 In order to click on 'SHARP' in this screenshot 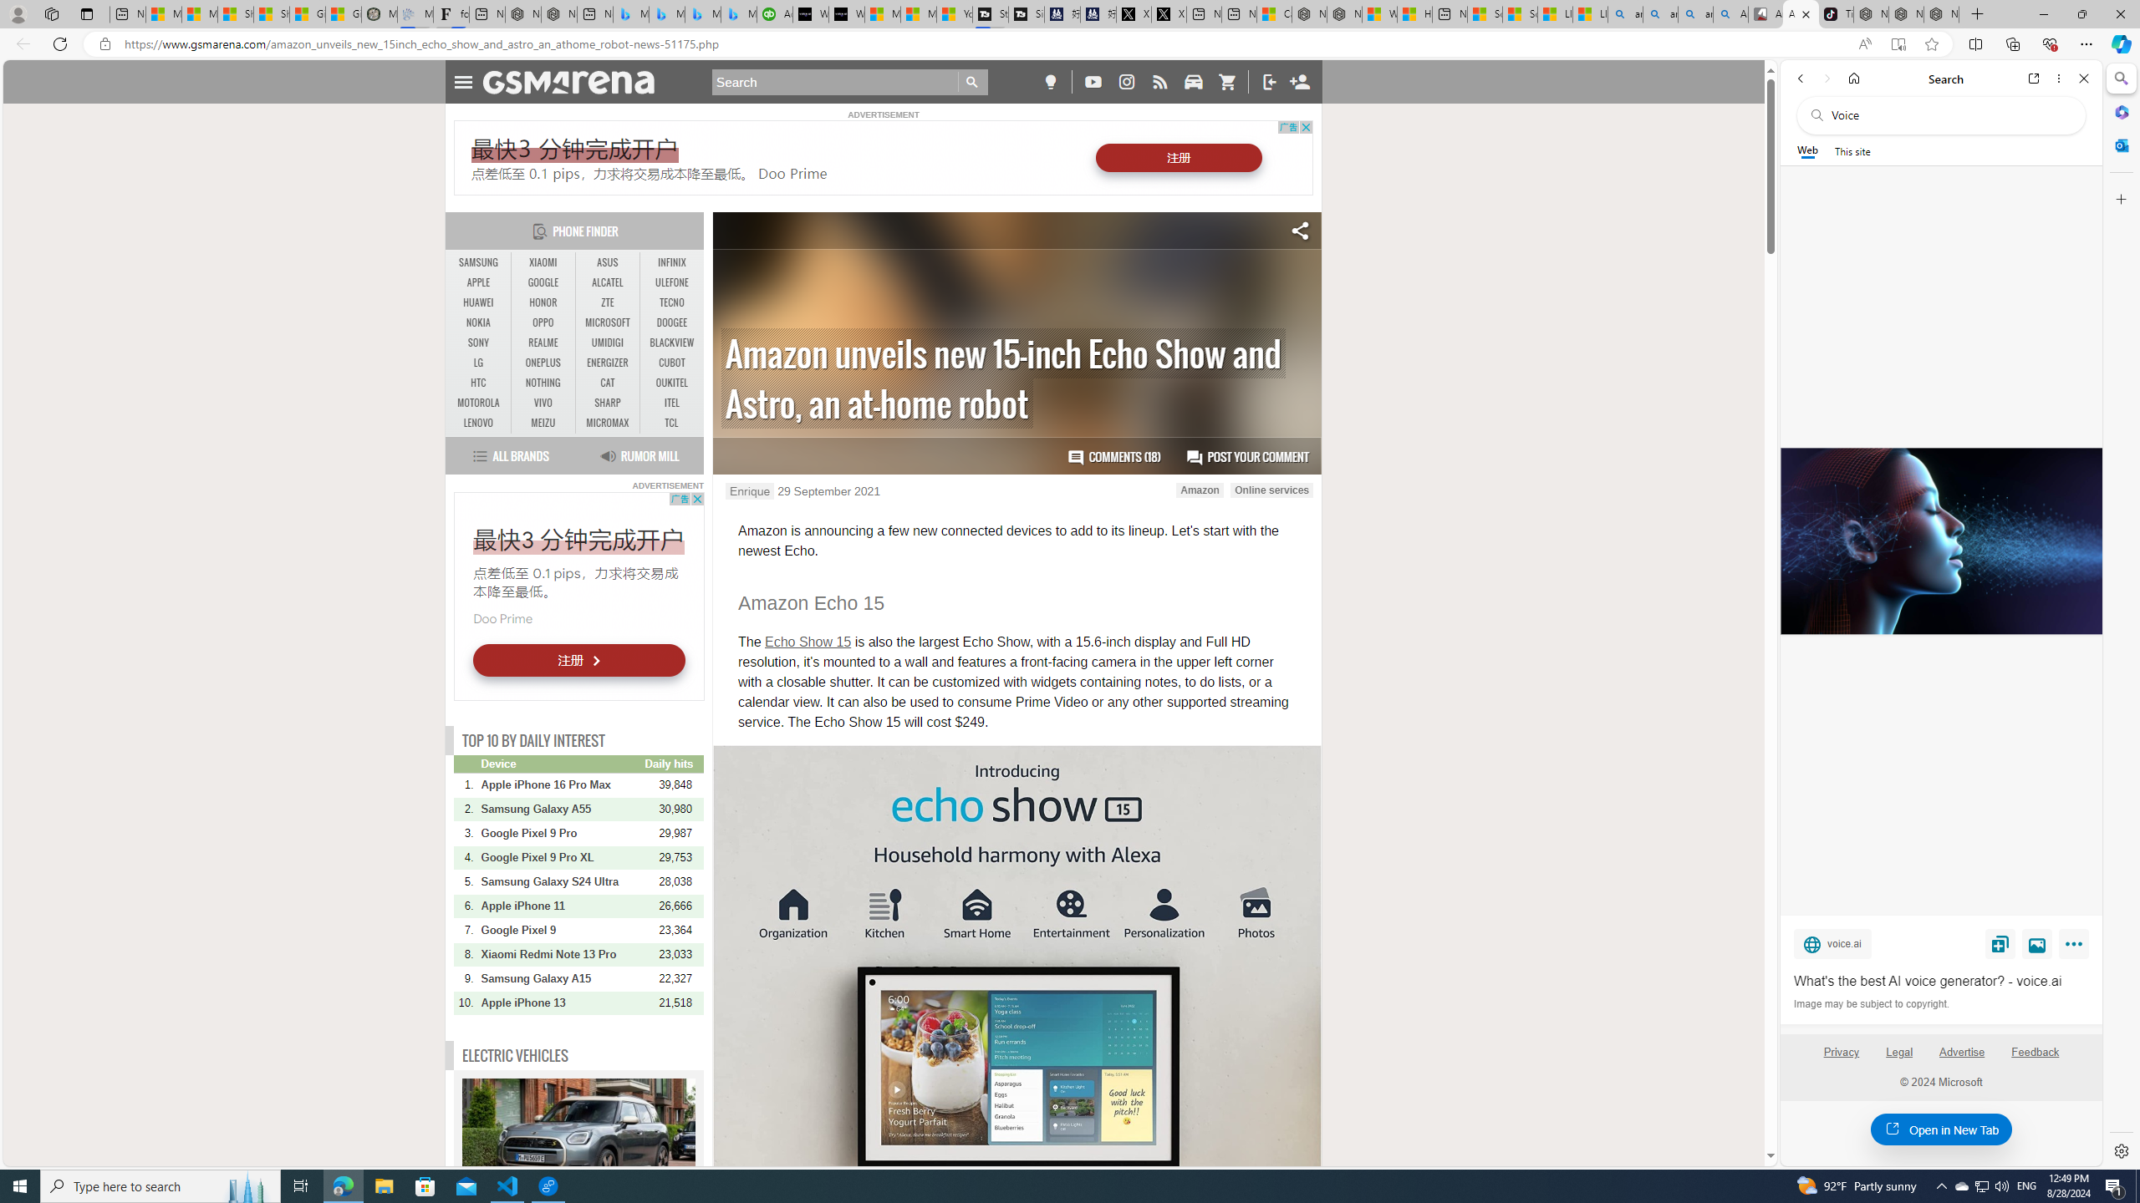, I will do `click(607, 403)`.